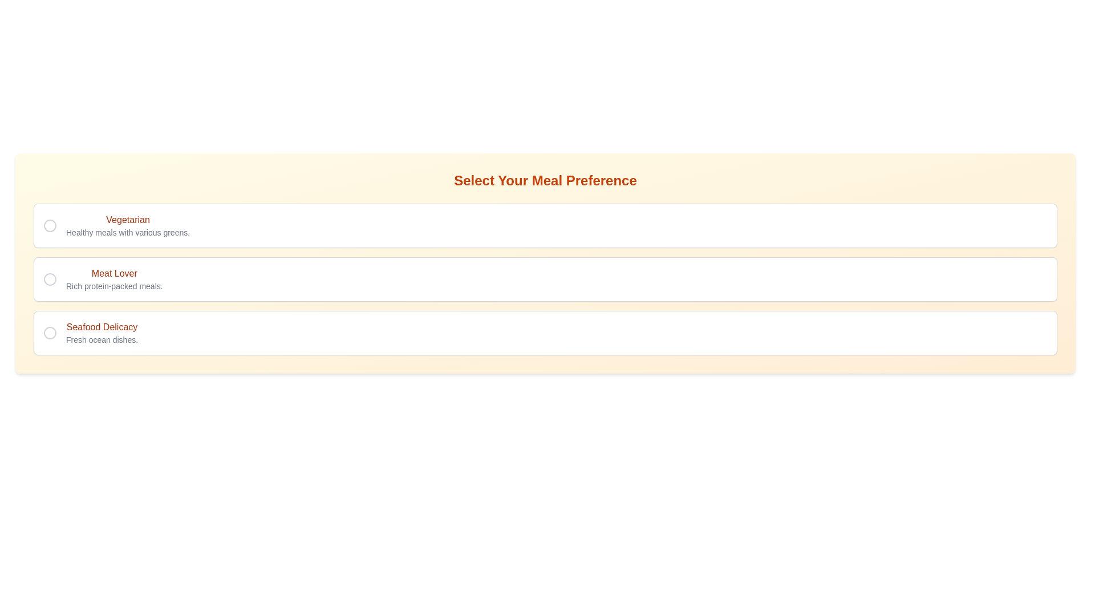 The width and height of the screenshot is (1095, 616). What do you see at coordinates (545, 333) in the screenshot?
I see `the selectable card representing seafood dishes, which is the third option in a vertical list of meal preferences` at bounding box center [545, 333].